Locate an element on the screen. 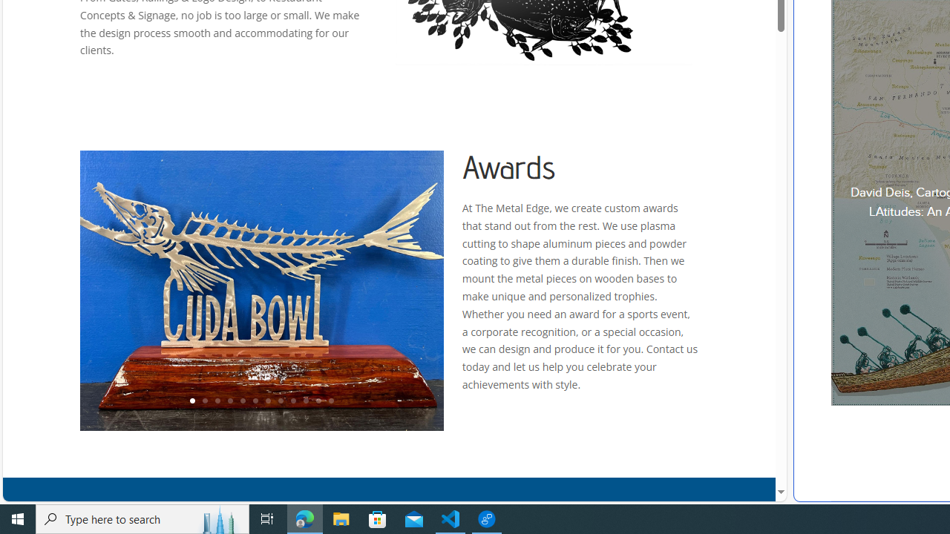 This screenshot has height=534, width=950. '4' is located at coordinates (229, 401).